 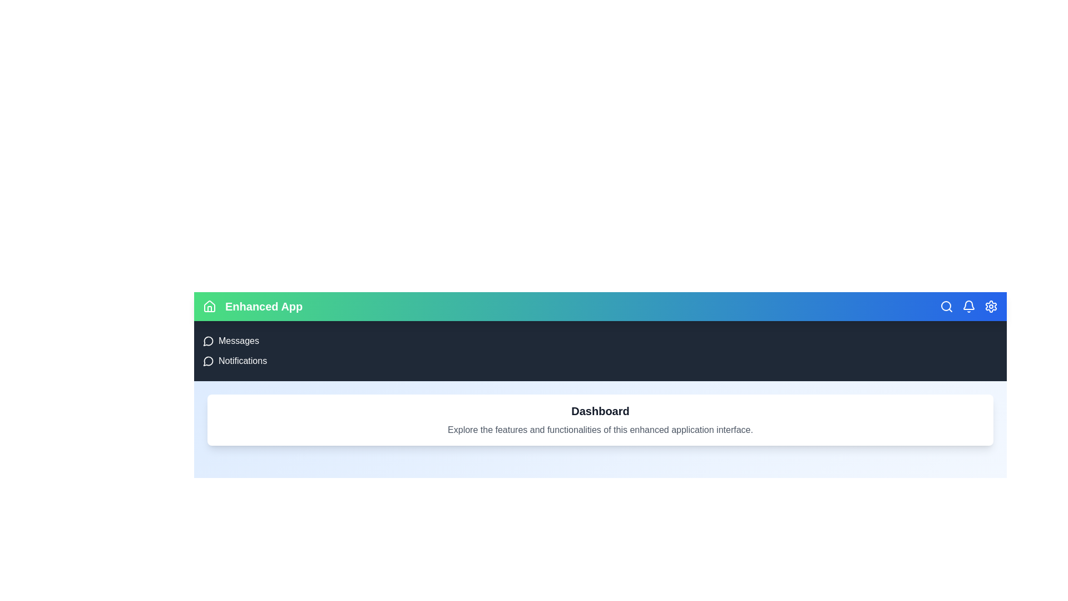 What do you see at coordinates (210, 361) in the screenshot?
I see `the menu option Notifications from the navigation bar` at bounding box center [210, 361].